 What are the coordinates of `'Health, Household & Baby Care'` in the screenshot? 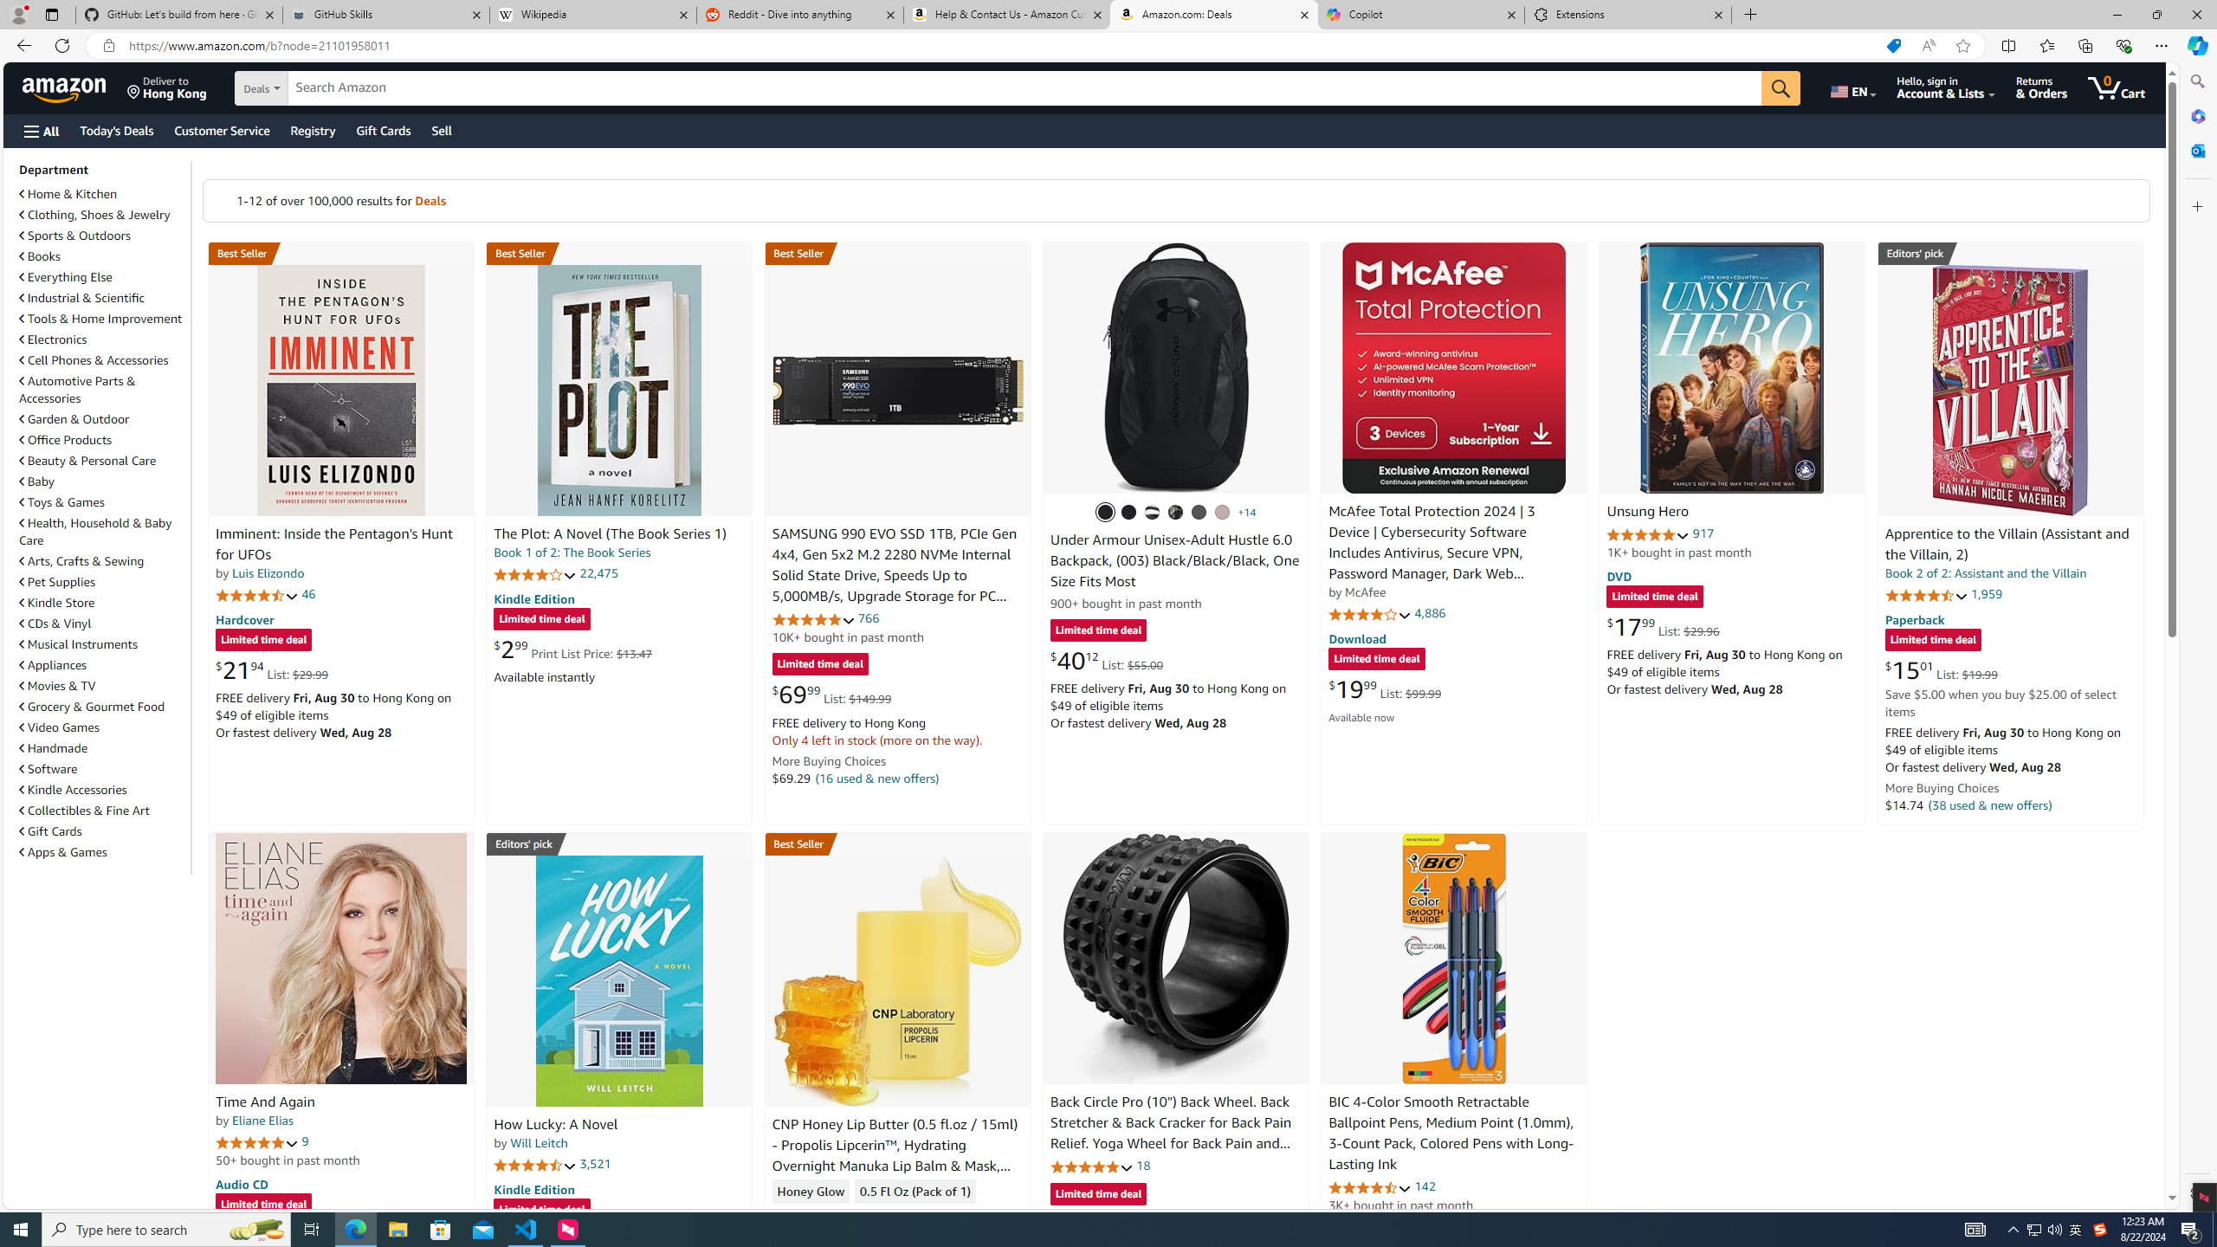 It's located at (95, 531).